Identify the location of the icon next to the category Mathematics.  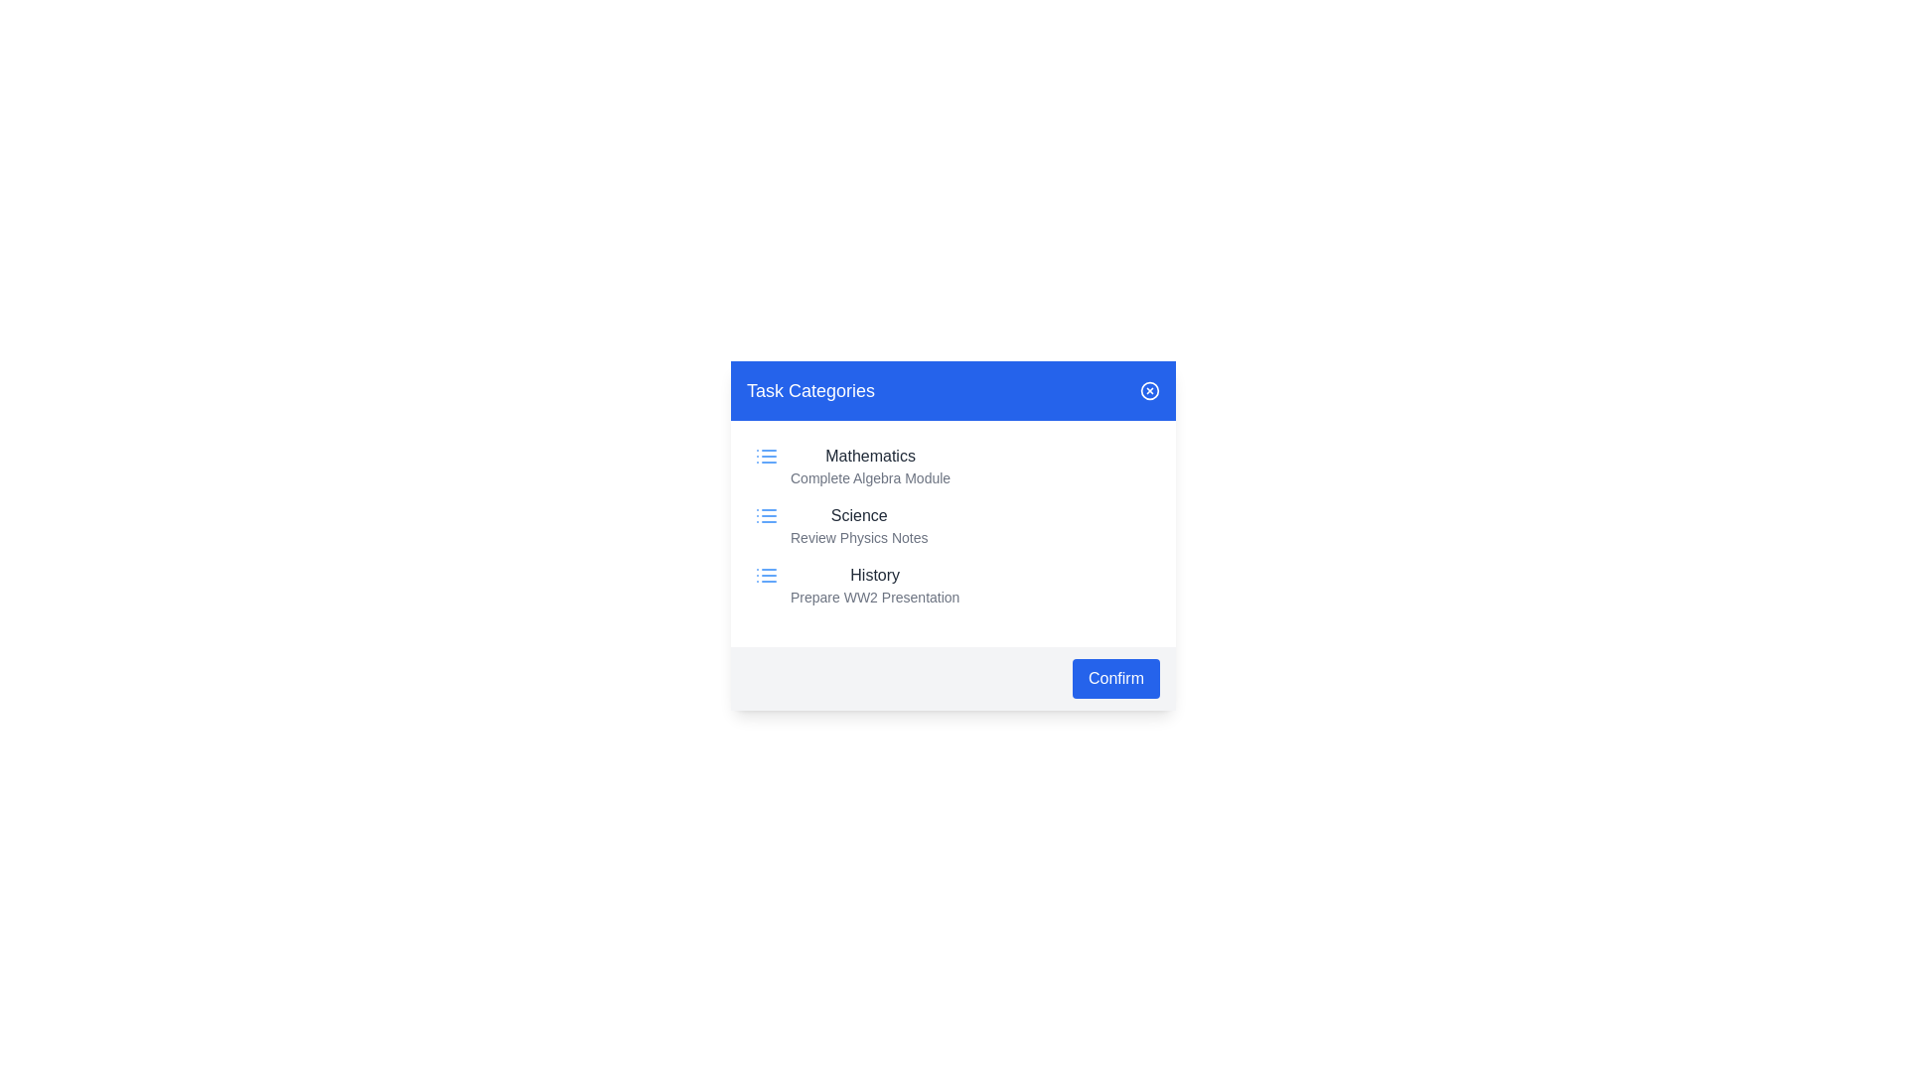
(766, 456).